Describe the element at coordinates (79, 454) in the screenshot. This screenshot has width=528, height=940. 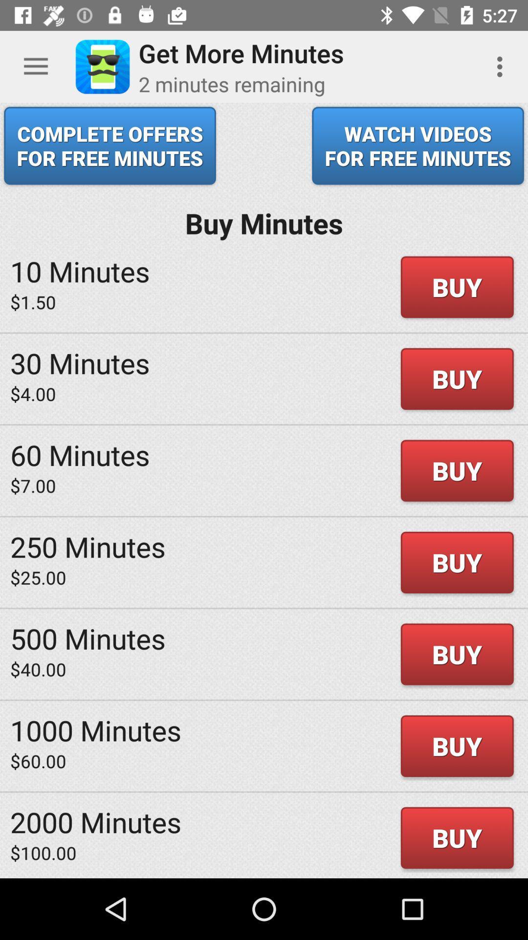
I see `60 minutes icon` at that location.